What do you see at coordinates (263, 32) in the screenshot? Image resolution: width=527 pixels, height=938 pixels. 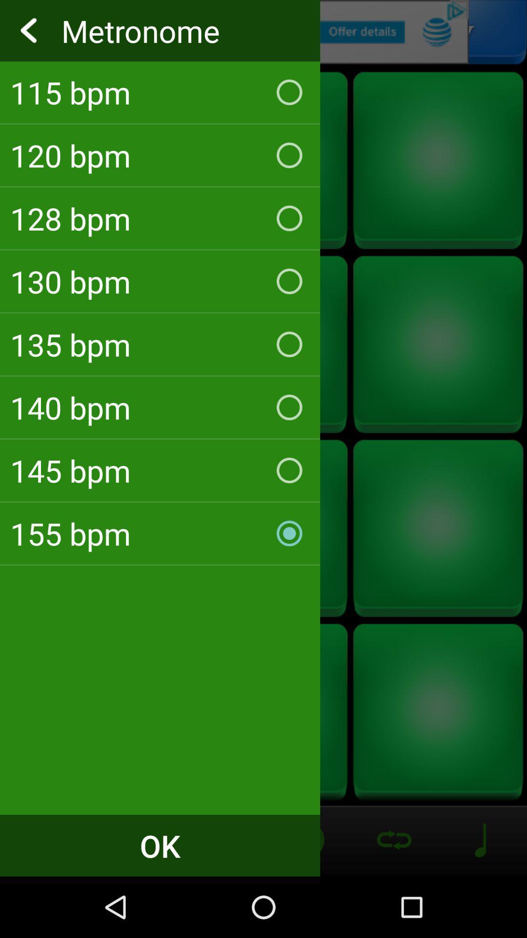 I see `go back` at bounding box center [263, 32].